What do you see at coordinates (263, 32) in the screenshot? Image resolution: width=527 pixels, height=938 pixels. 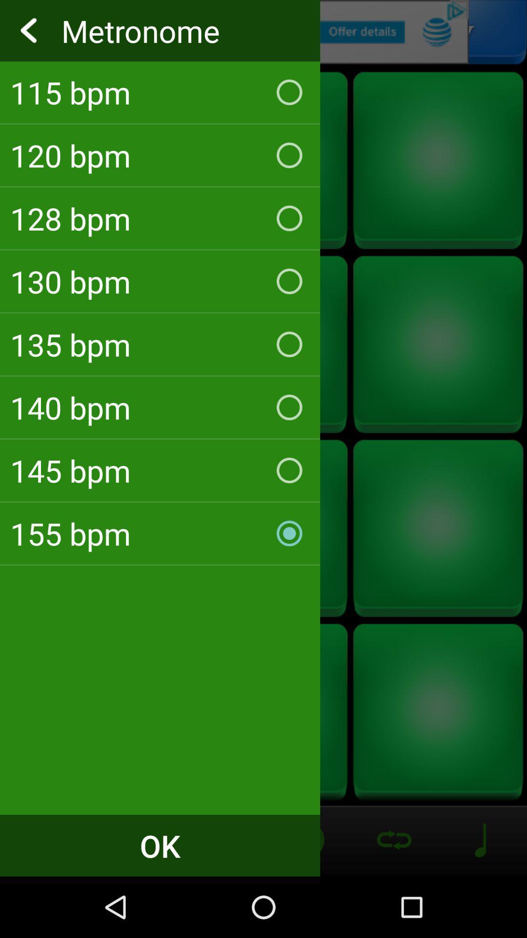 I see `go back` at bounding box center [263, 32].